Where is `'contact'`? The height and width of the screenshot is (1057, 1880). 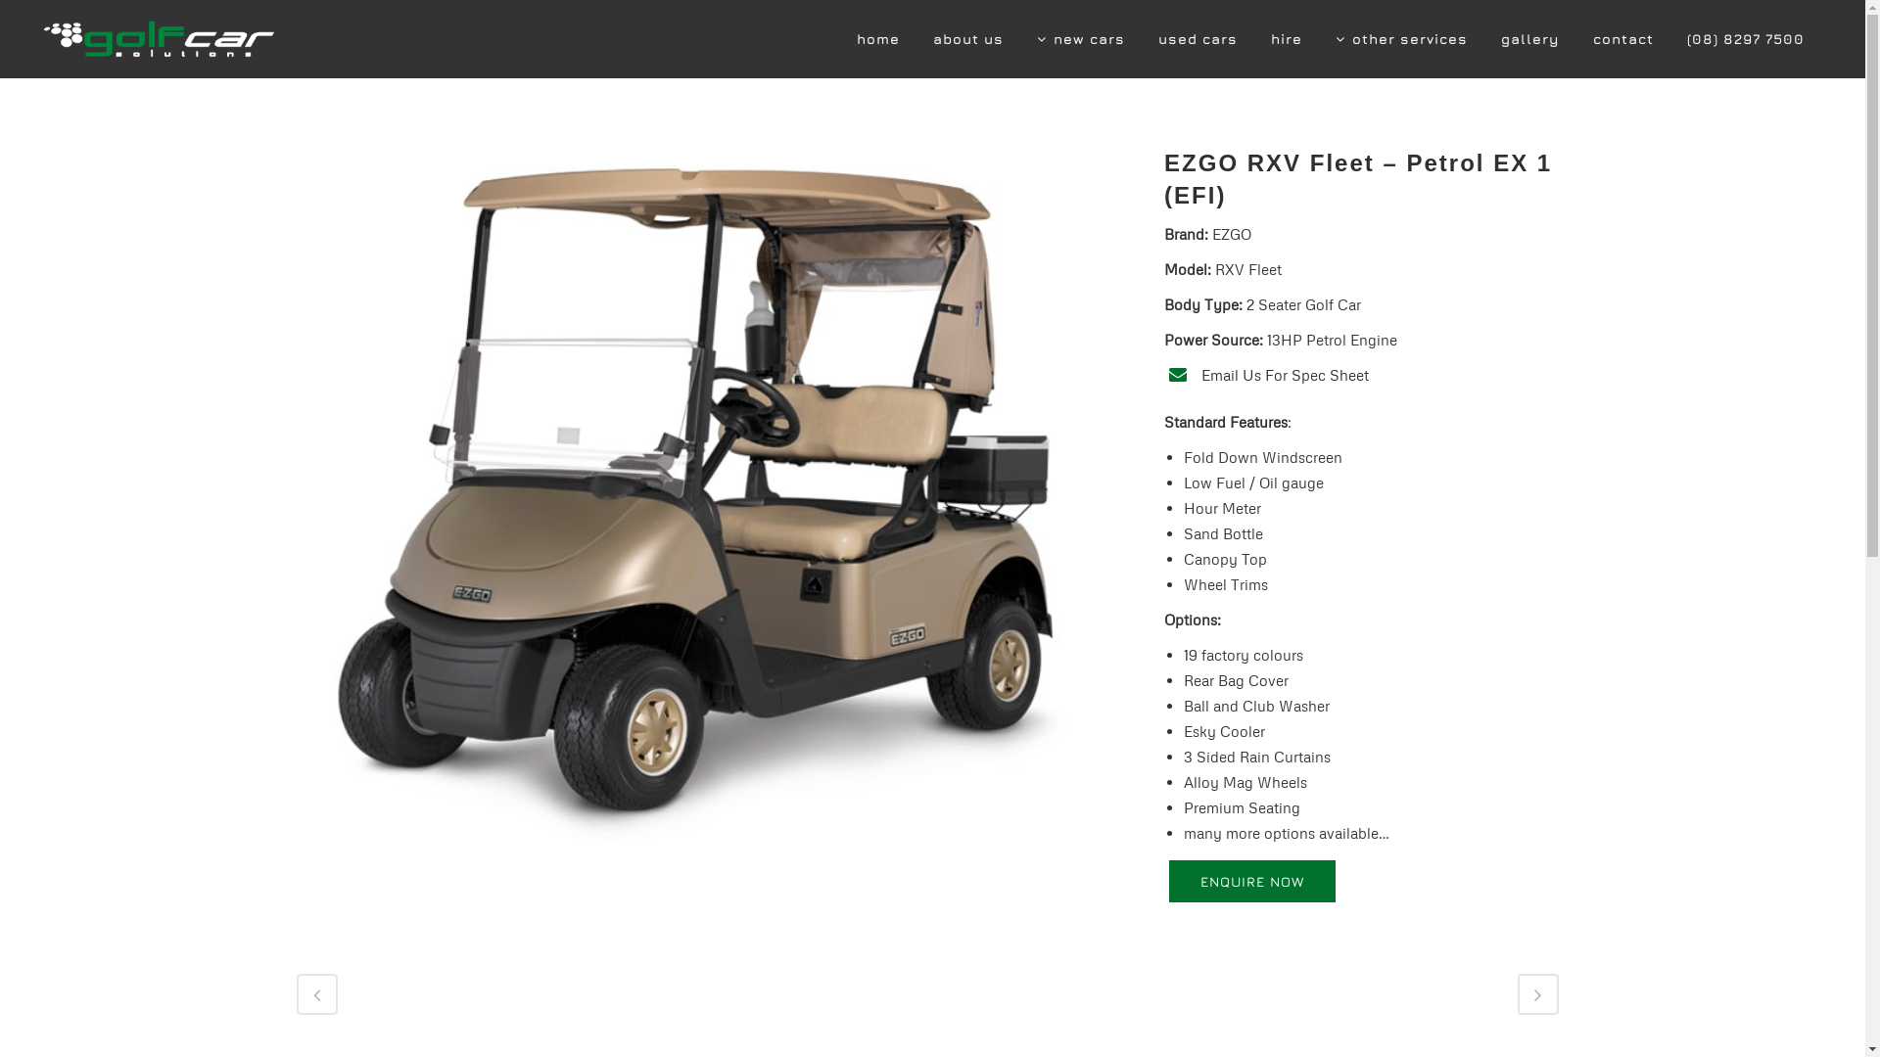
'contact' is located at coordinates (1622, 38).